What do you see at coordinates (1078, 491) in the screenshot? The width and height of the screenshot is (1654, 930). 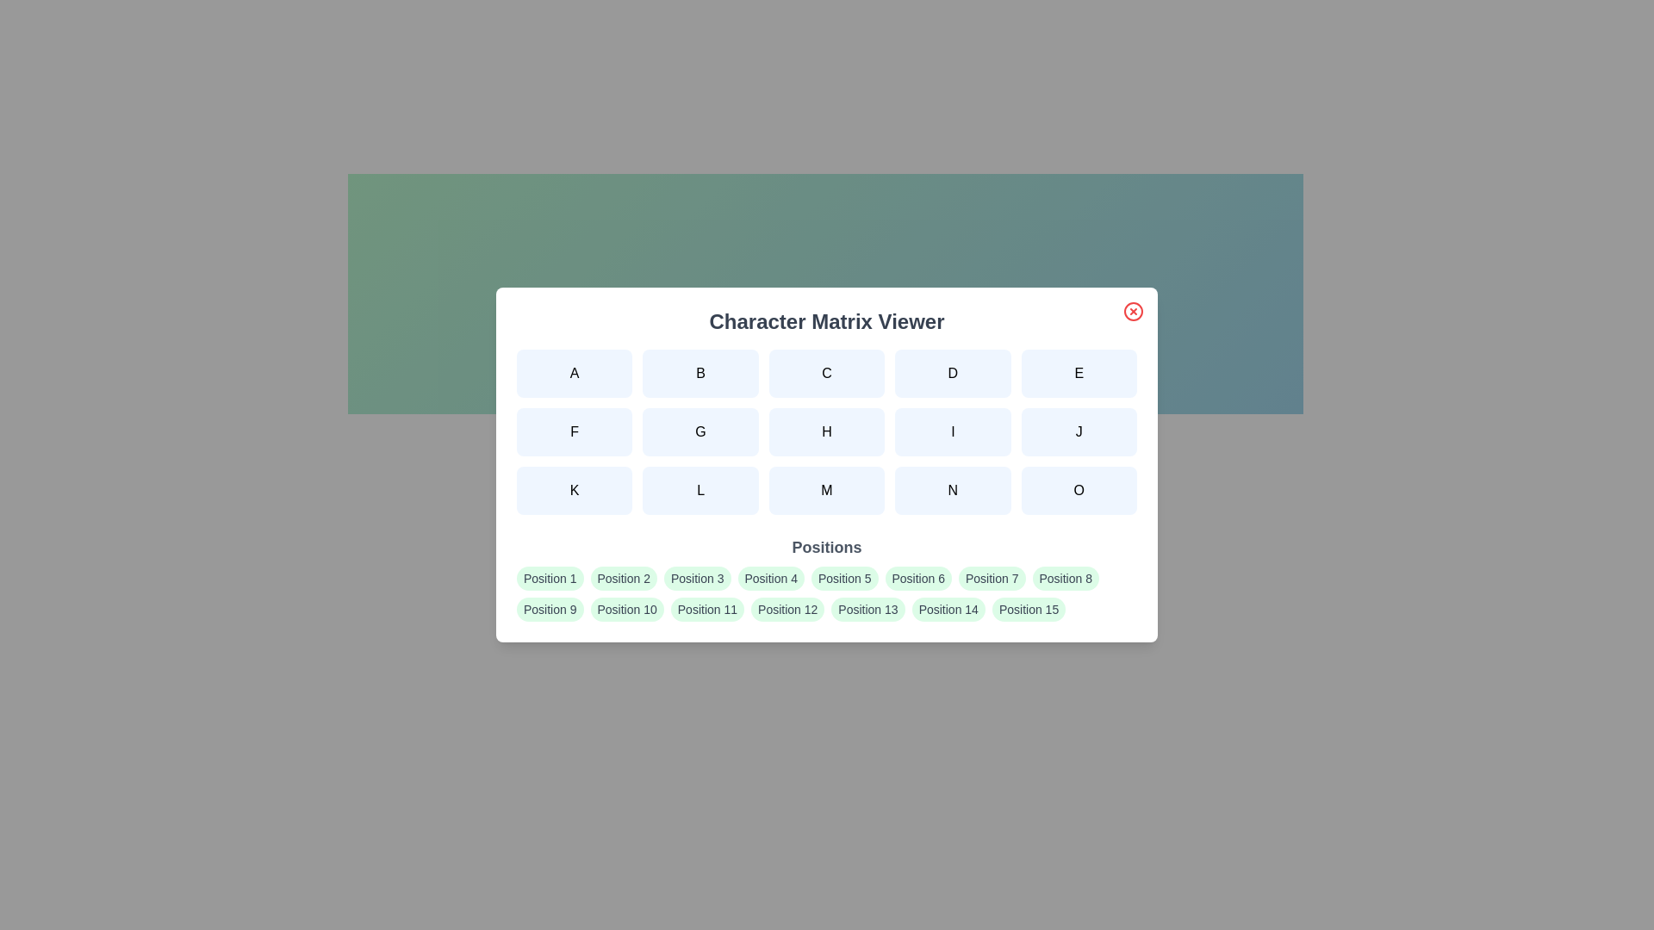 I see `the character button labeled O` at bounding box center [1078, 491].